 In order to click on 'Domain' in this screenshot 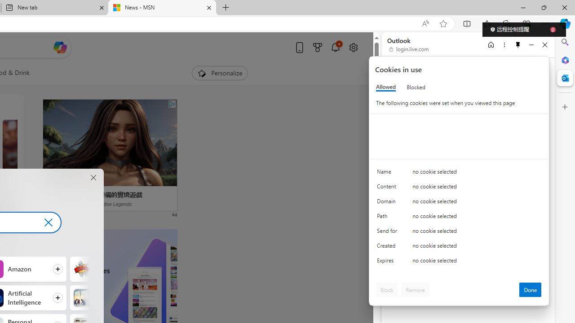, I will do `click(389, 203)`.